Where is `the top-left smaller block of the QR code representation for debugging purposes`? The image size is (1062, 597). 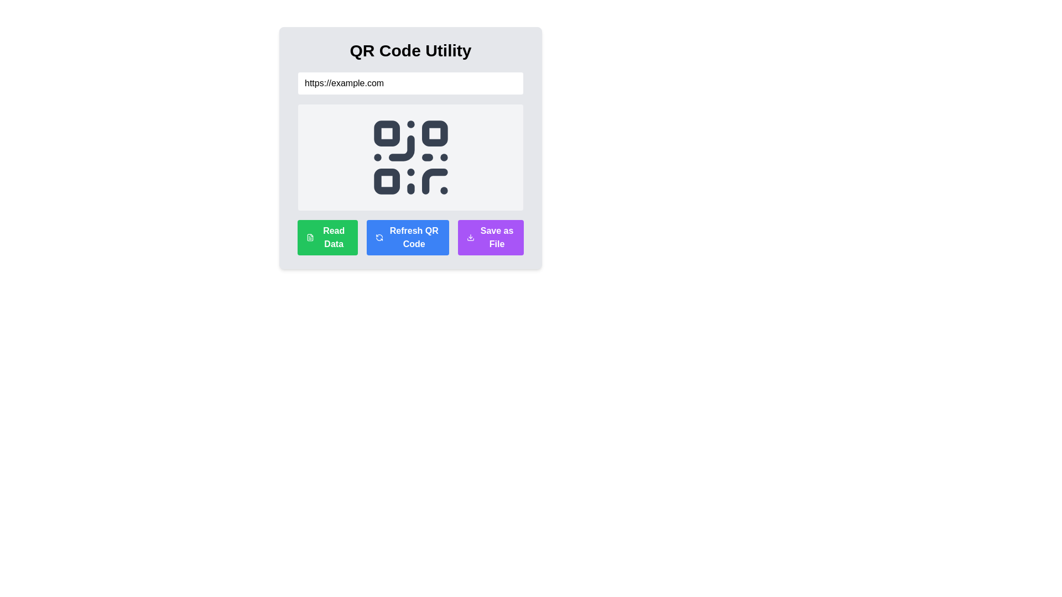
the top-left smaller block of the QR code representation for debugging purposes is located at coordinates (387, 133).